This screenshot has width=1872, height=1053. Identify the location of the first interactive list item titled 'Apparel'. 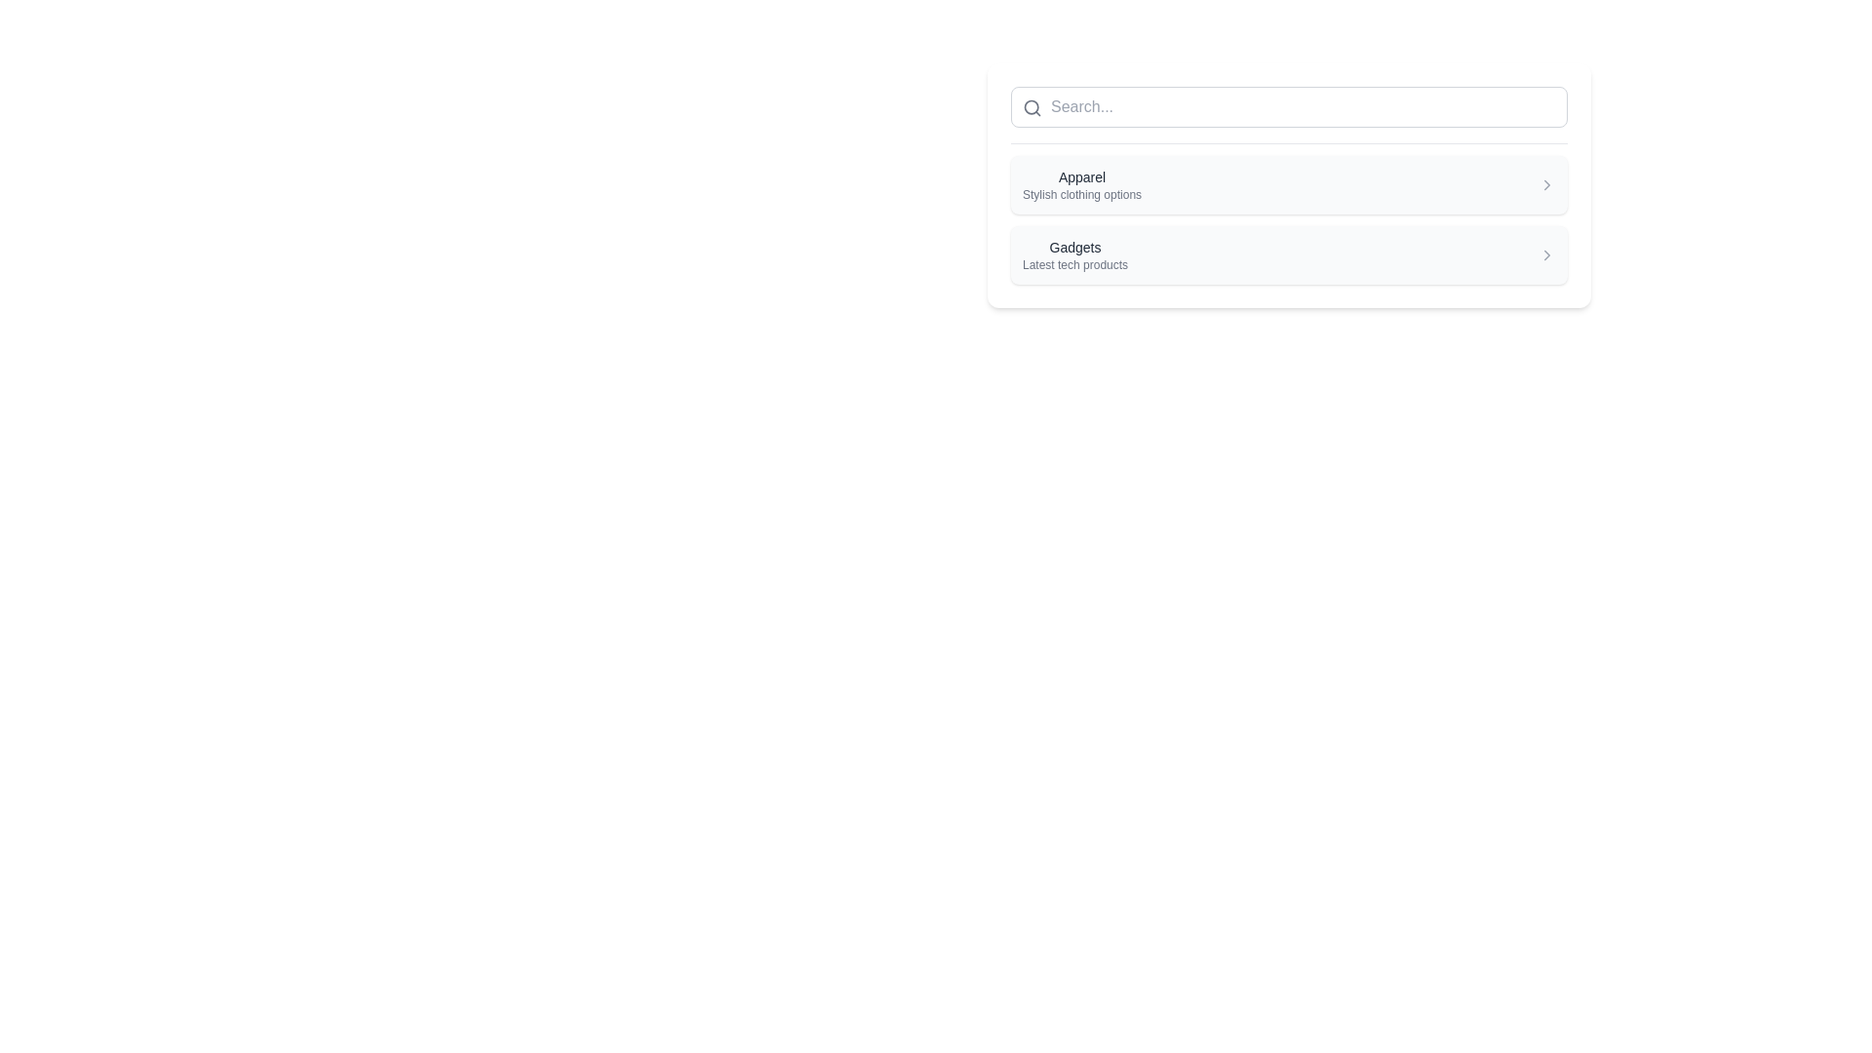
(1289, 185).